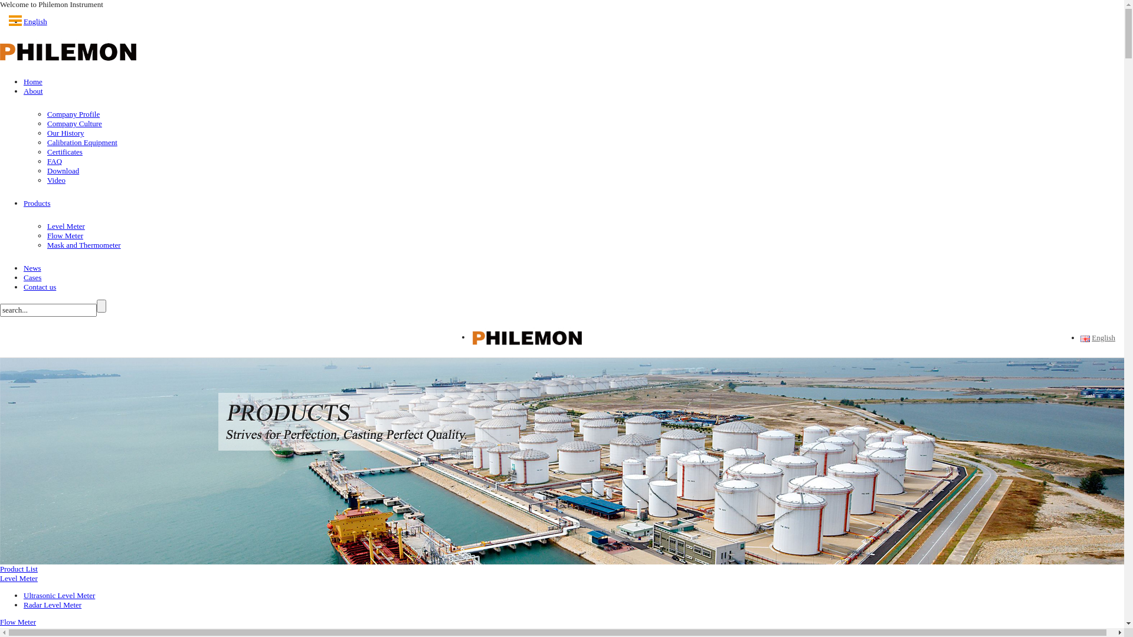  What do you see at coordinates (74, 123) in the screenshot?
I see `'Company Culture'` at bounding box center [74, 123].